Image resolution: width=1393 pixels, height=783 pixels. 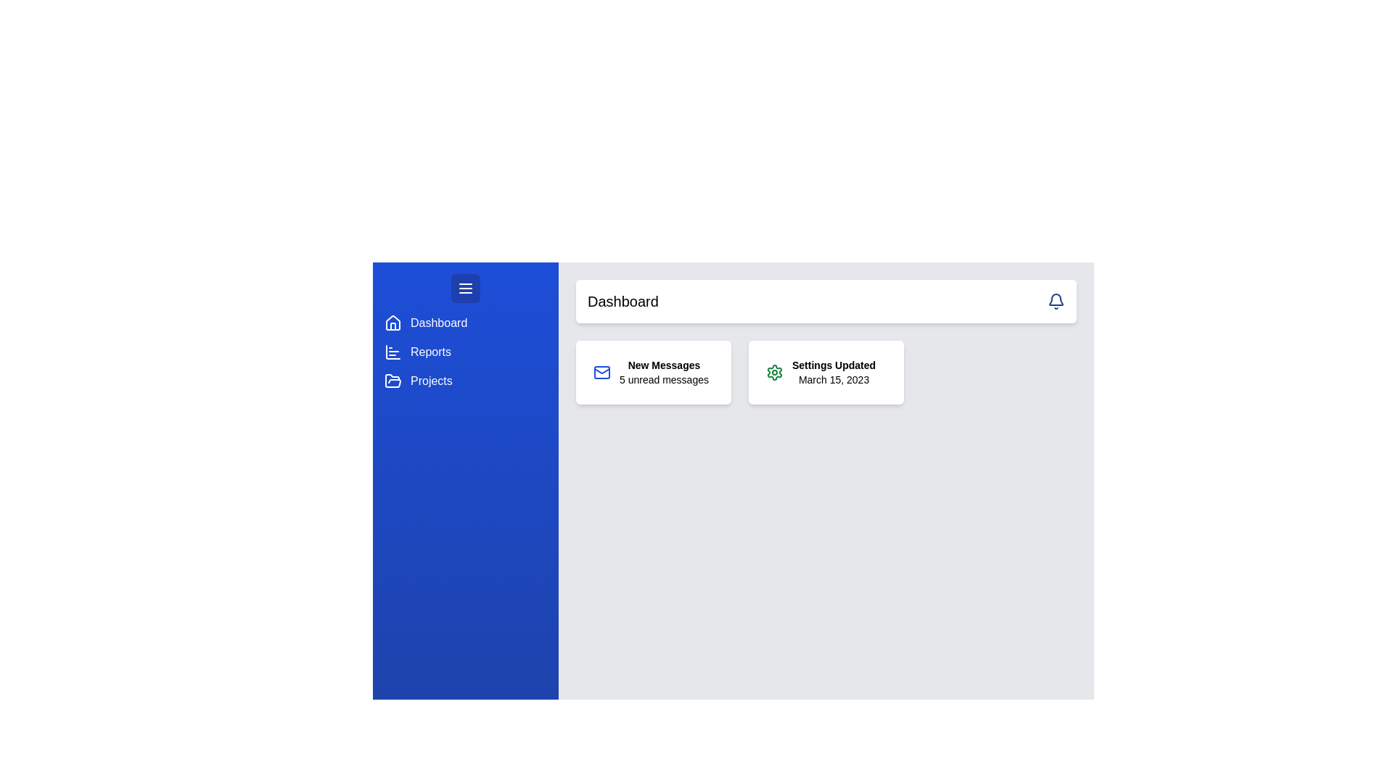 I want to click on the folder icon in the side navigation menu, so click(x=393, y=380).